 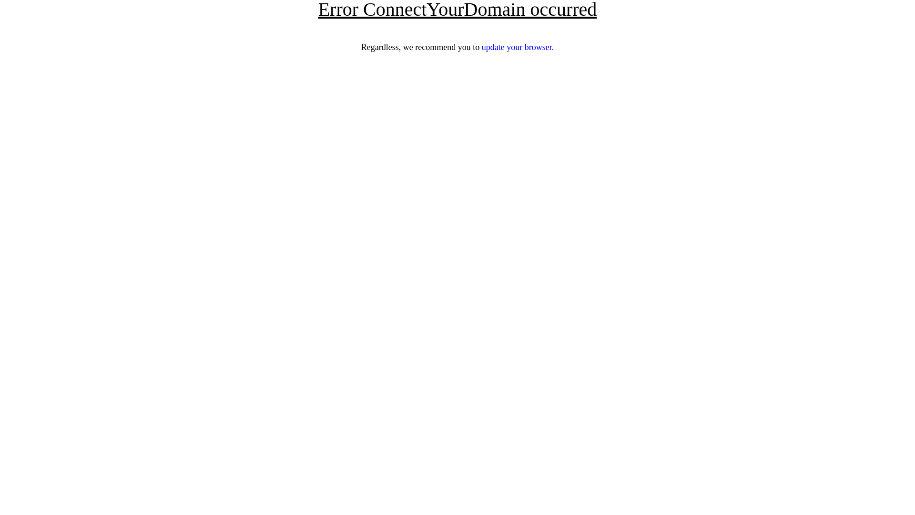 What do you see at coordinates (482, 47) in the screenshot?
I see `'update your browser.'` at bounding box center [482, 47].